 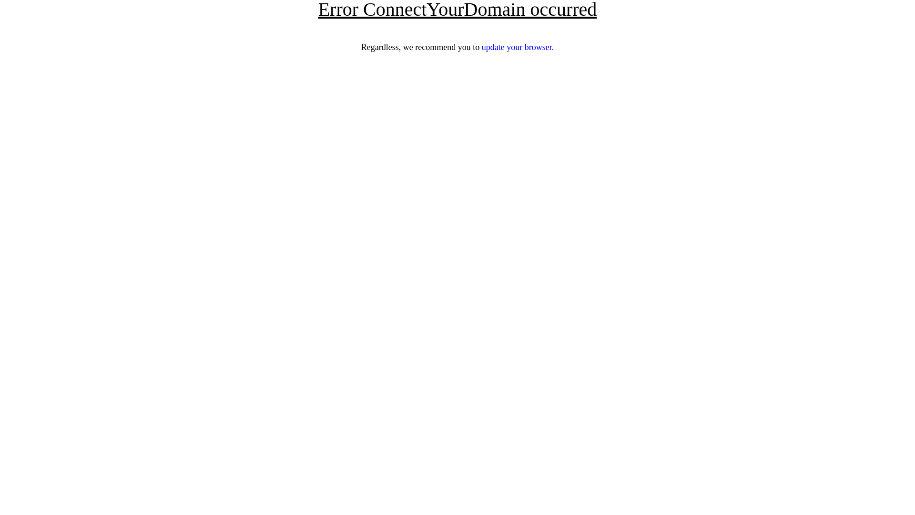 What do you see at coordinates (482, 47) in the screenshot?
I see `'update your browser.'` at bounding box center [482, 47].